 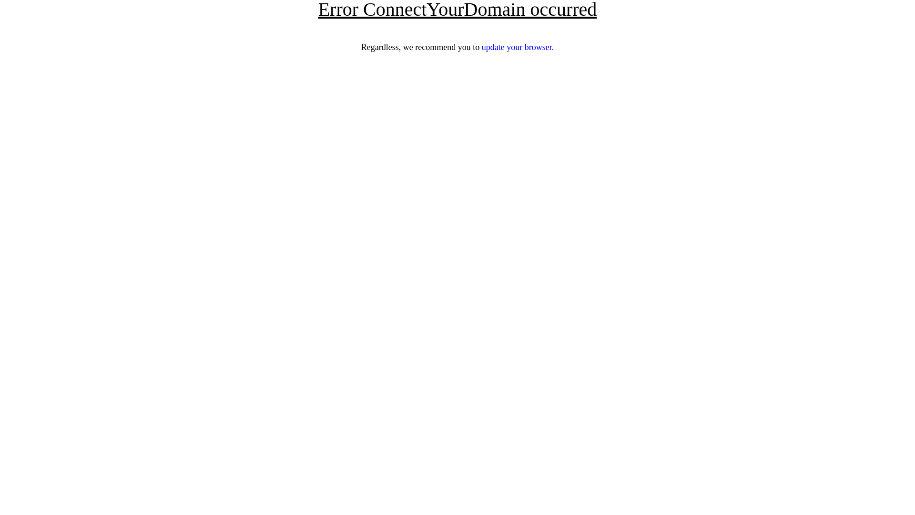 What do you see at coordinates (482, 47) in the screenshot?
I see `'update your browser.'` at bounding box center [482, 47].